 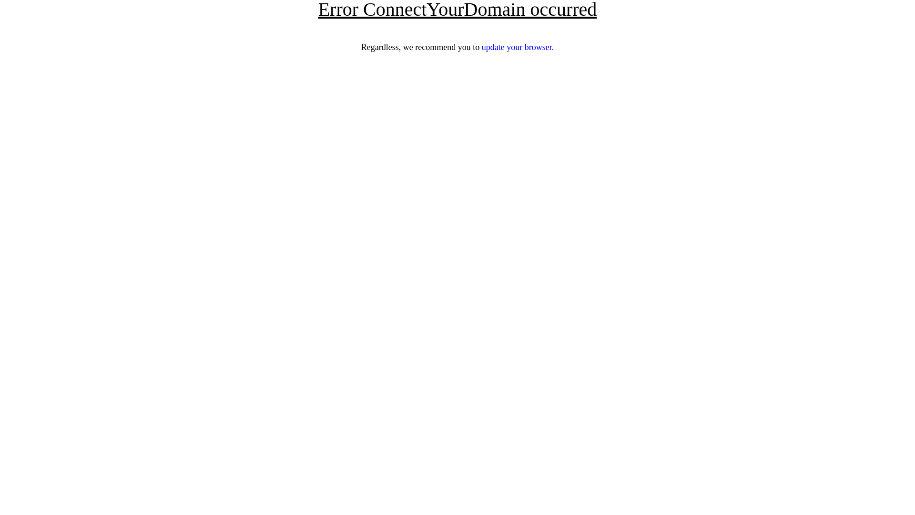 What do you see at coordinates (482, 47) in the screenshot?
I see `'update your browser.'` at bounding box center [482, 47].